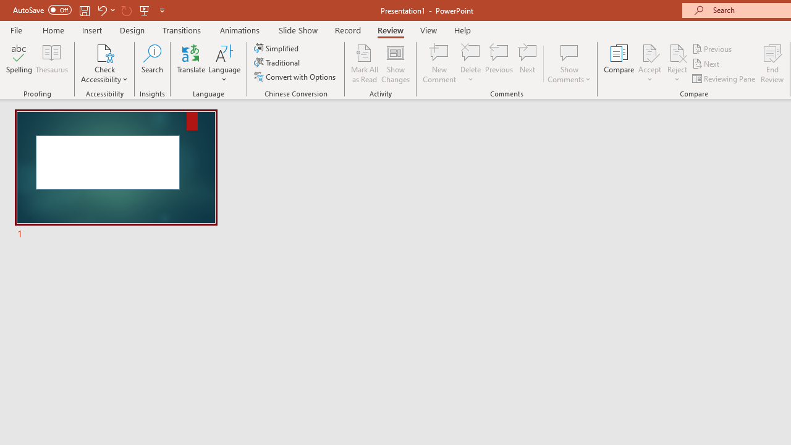 This screenshot has width=791, height=445. I want to click on 'End Review', so click(771, 64).